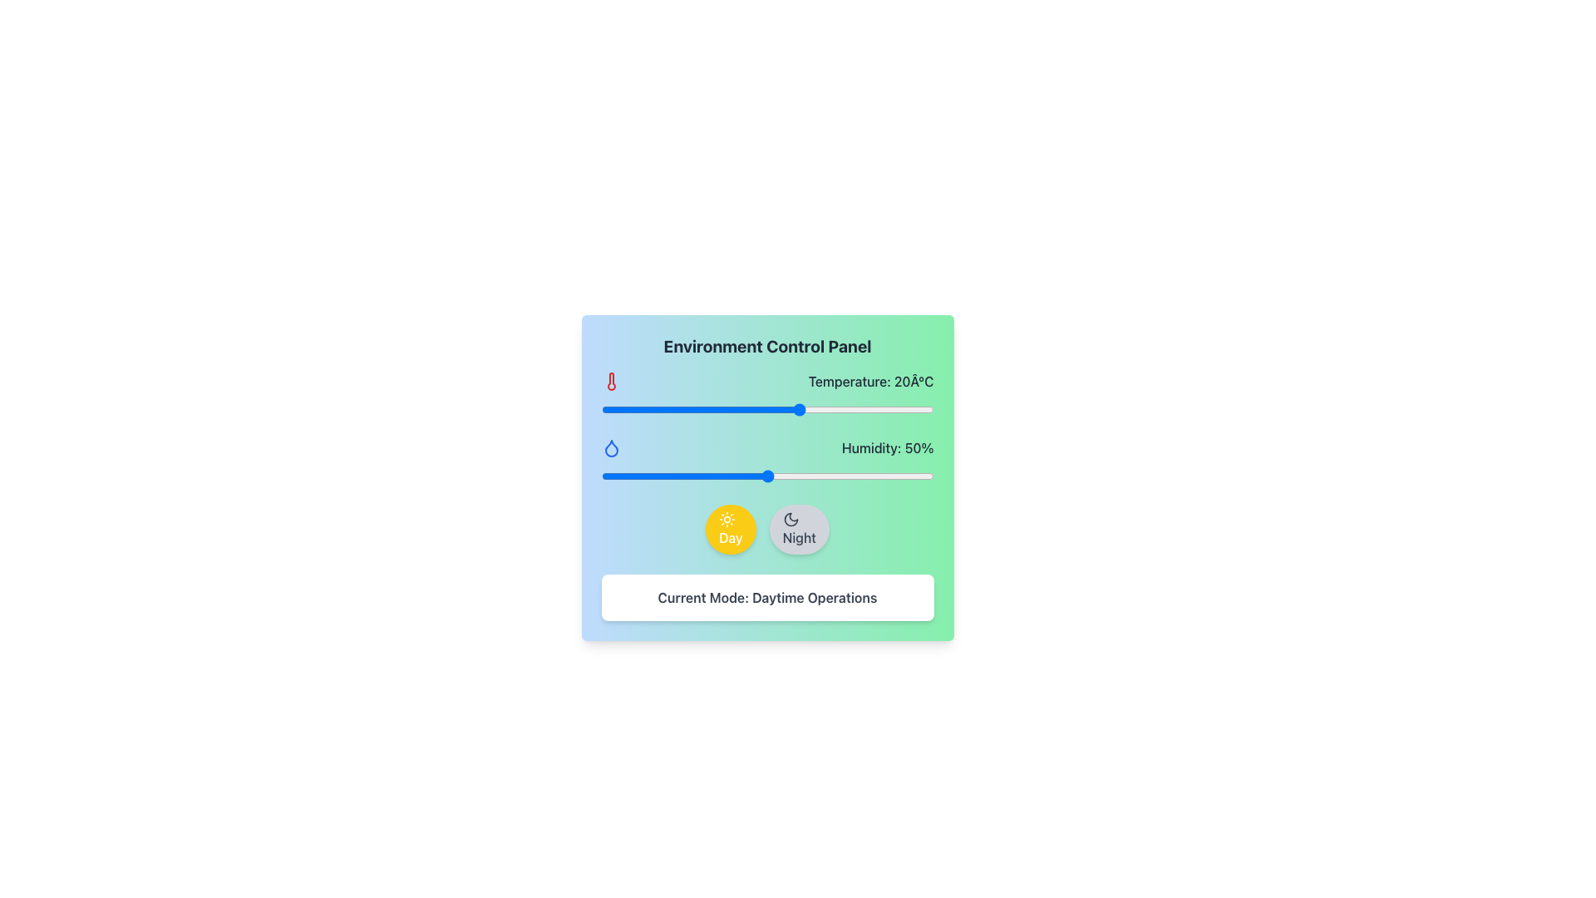  I want to click on the humidity level, so click(807, 476).